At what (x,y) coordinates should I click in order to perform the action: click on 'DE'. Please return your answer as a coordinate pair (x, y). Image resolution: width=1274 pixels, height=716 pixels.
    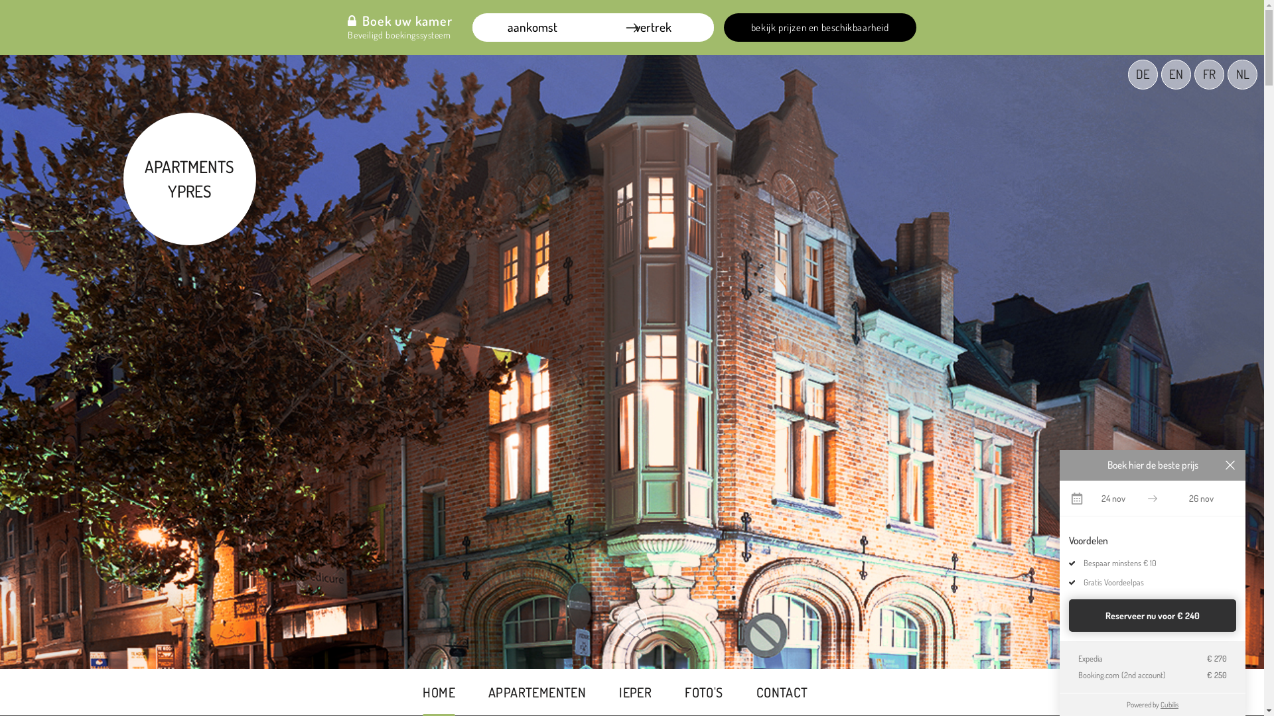
    Looking at the image, I should click on (1142, 74).